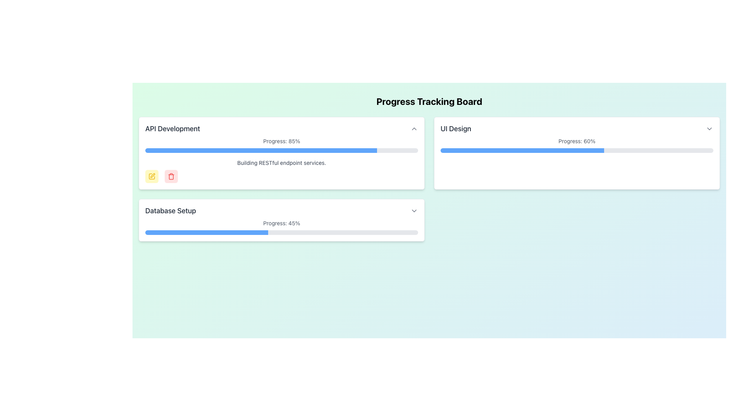 The width and height of the screenshot is (744, 418). Describe the element at coordinates (414, 211) in the screenshot. I see `the downward-pointing chevron icon, styled in gray, located to the far right of the 'Database Setup' title` at that location.